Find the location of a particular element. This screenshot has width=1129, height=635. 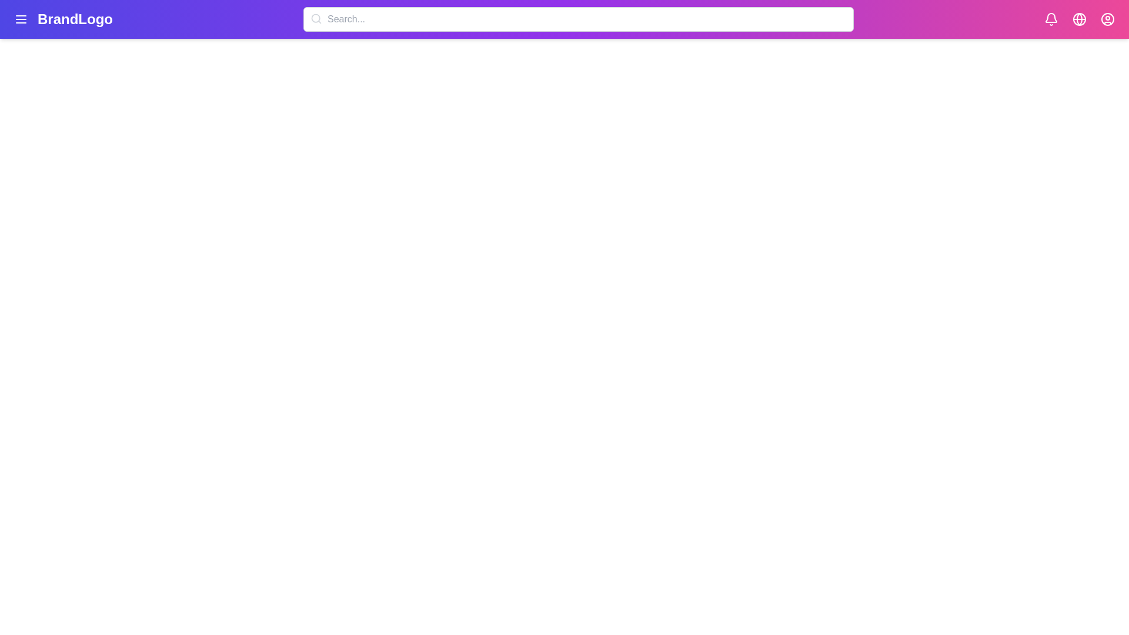

the SVG Circle Element that represents the search icon, located in the top-left corner of the search bar area is located at coordinates (316, 18).